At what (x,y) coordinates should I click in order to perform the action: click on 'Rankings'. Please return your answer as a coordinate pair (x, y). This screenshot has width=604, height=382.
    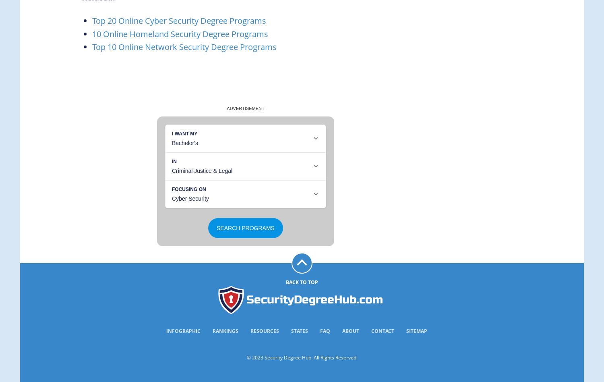
    Looking at the image, I should click on (213, 330).